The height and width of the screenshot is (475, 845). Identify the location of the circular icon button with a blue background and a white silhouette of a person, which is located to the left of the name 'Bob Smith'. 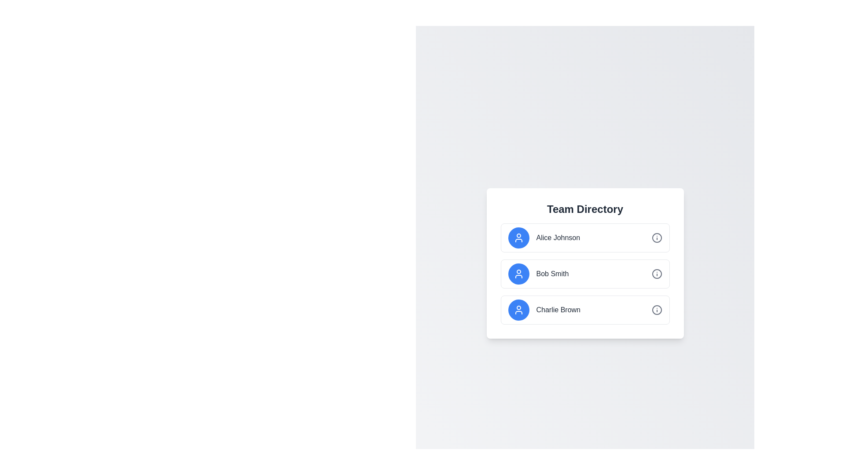
(518, 274).